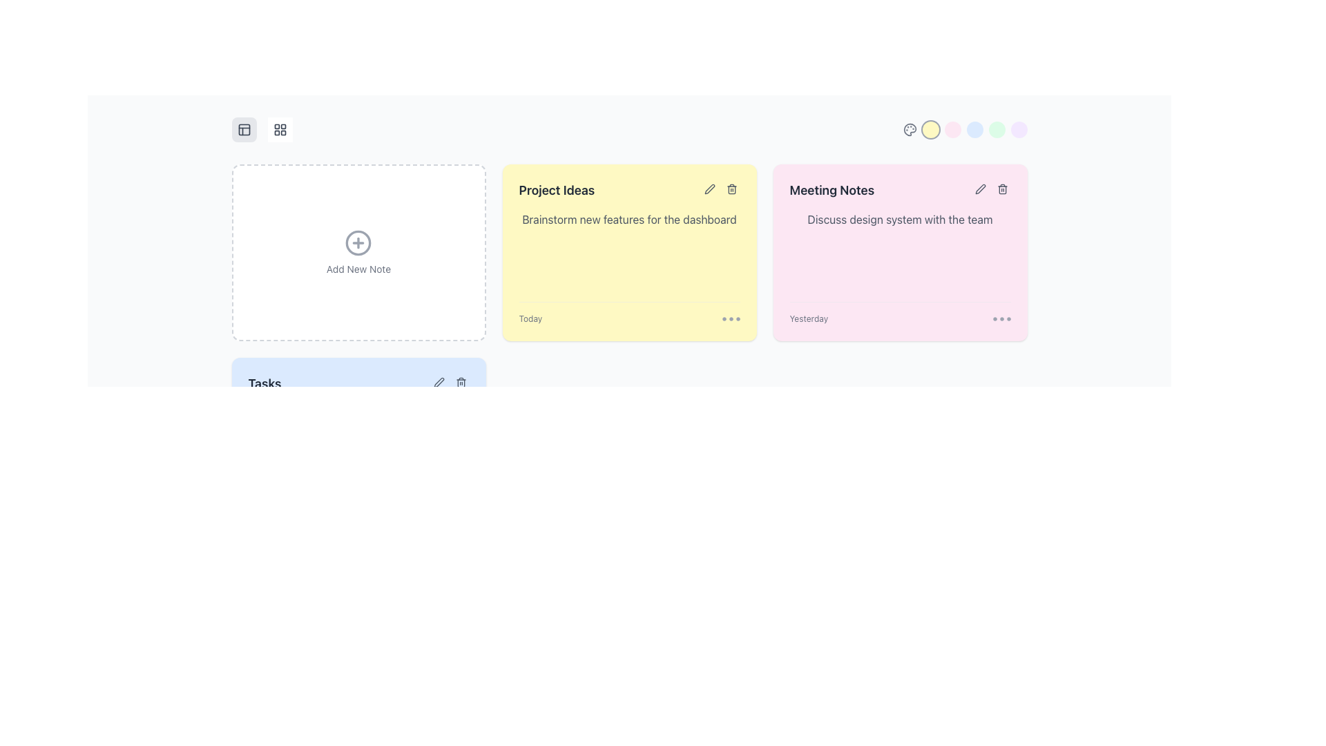 The image size is (1326, 746). Describe the element at coordinates (461, 383) in the screenshot. I see `the delete button located to the far right of the horizontal button group in the 'Tasks' section` at that location.